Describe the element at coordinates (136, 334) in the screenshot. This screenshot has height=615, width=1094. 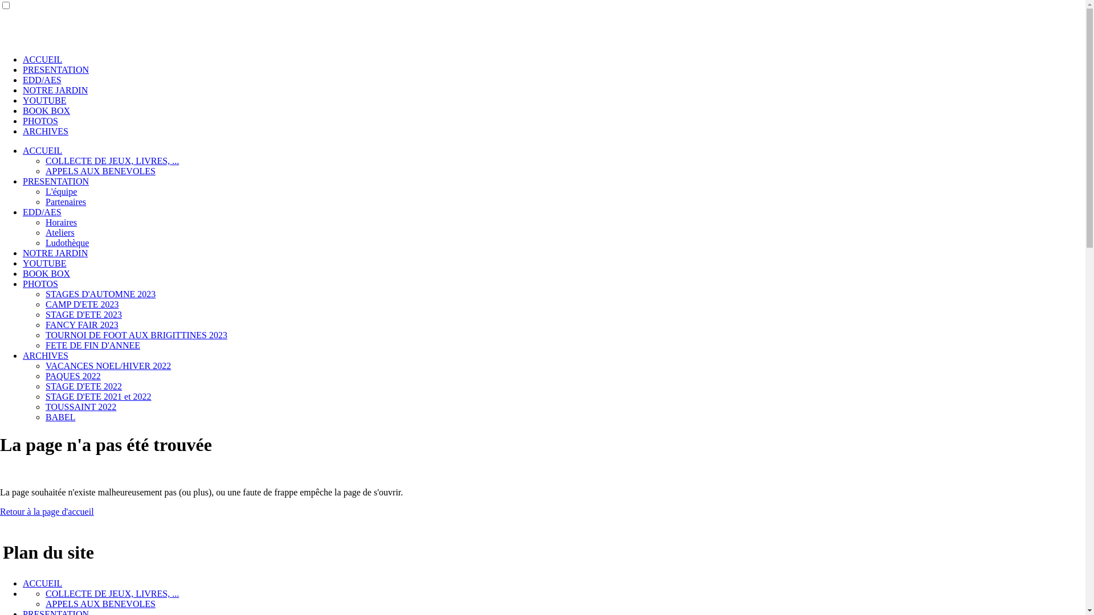
I see `'TOURNOI DE FOOT AUX BRIGITTINES 2023'` at that location.